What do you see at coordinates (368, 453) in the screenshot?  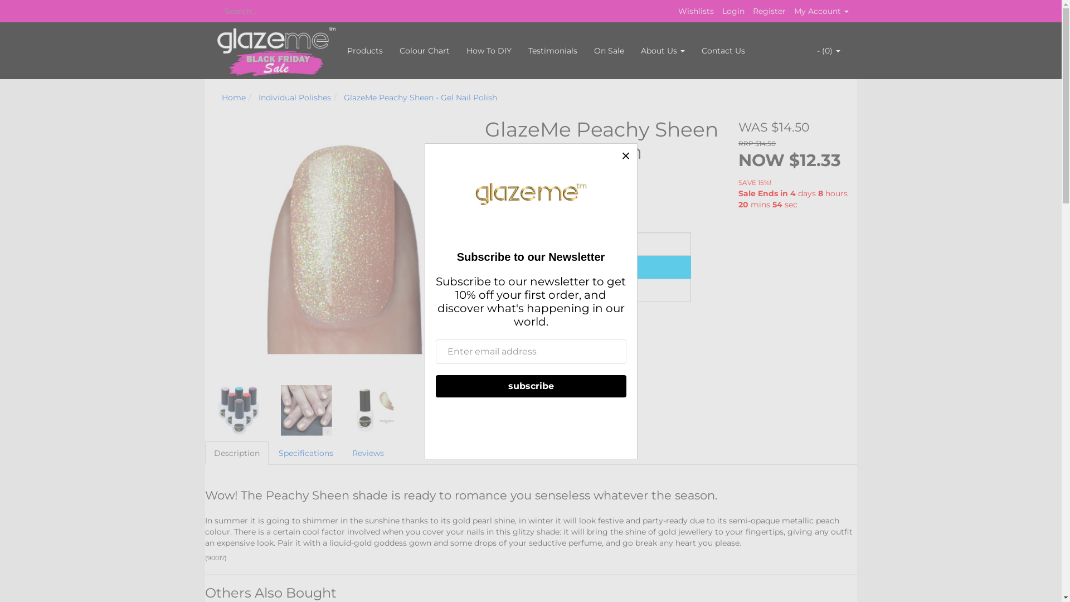 I see `'Reviews'` at bounding box center [368, 453].